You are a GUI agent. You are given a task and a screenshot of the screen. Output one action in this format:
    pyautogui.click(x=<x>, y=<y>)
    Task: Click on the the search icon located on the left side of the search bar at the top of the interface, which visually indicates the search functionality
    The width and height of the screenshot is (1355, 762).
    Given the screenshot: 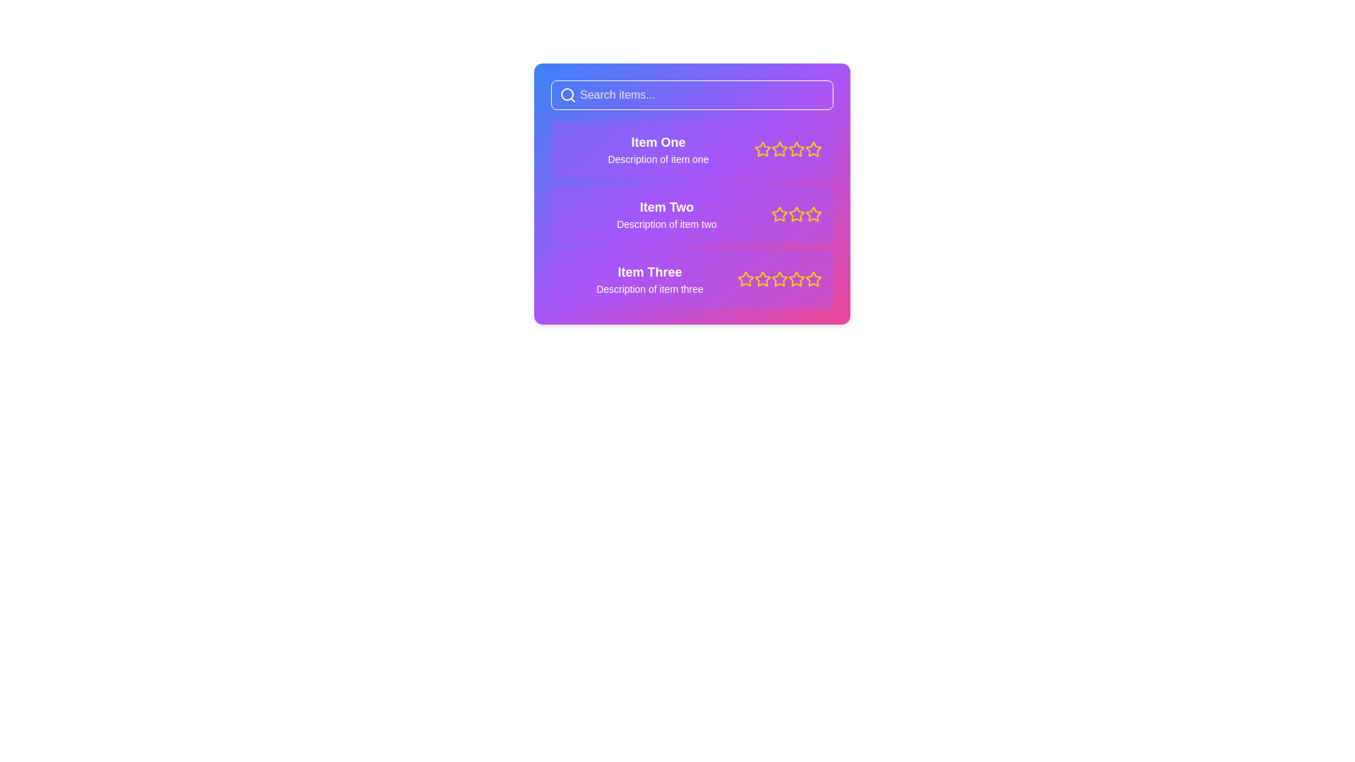 What is the action you would take?
    pyautogui.click(x=568, y=95)
    